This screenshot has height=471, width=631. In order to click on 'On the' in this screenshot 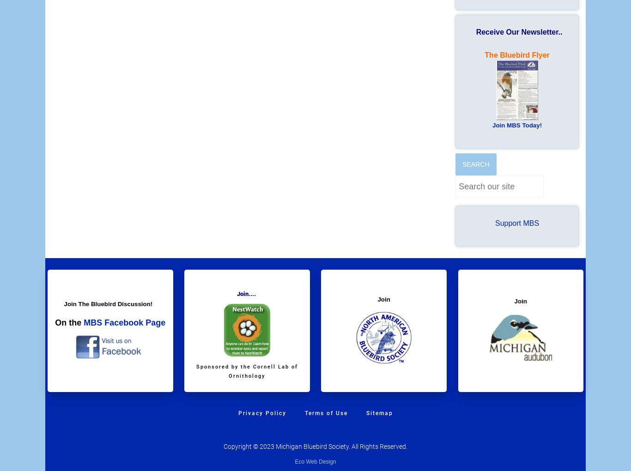, I will do `click(68, 322)`.